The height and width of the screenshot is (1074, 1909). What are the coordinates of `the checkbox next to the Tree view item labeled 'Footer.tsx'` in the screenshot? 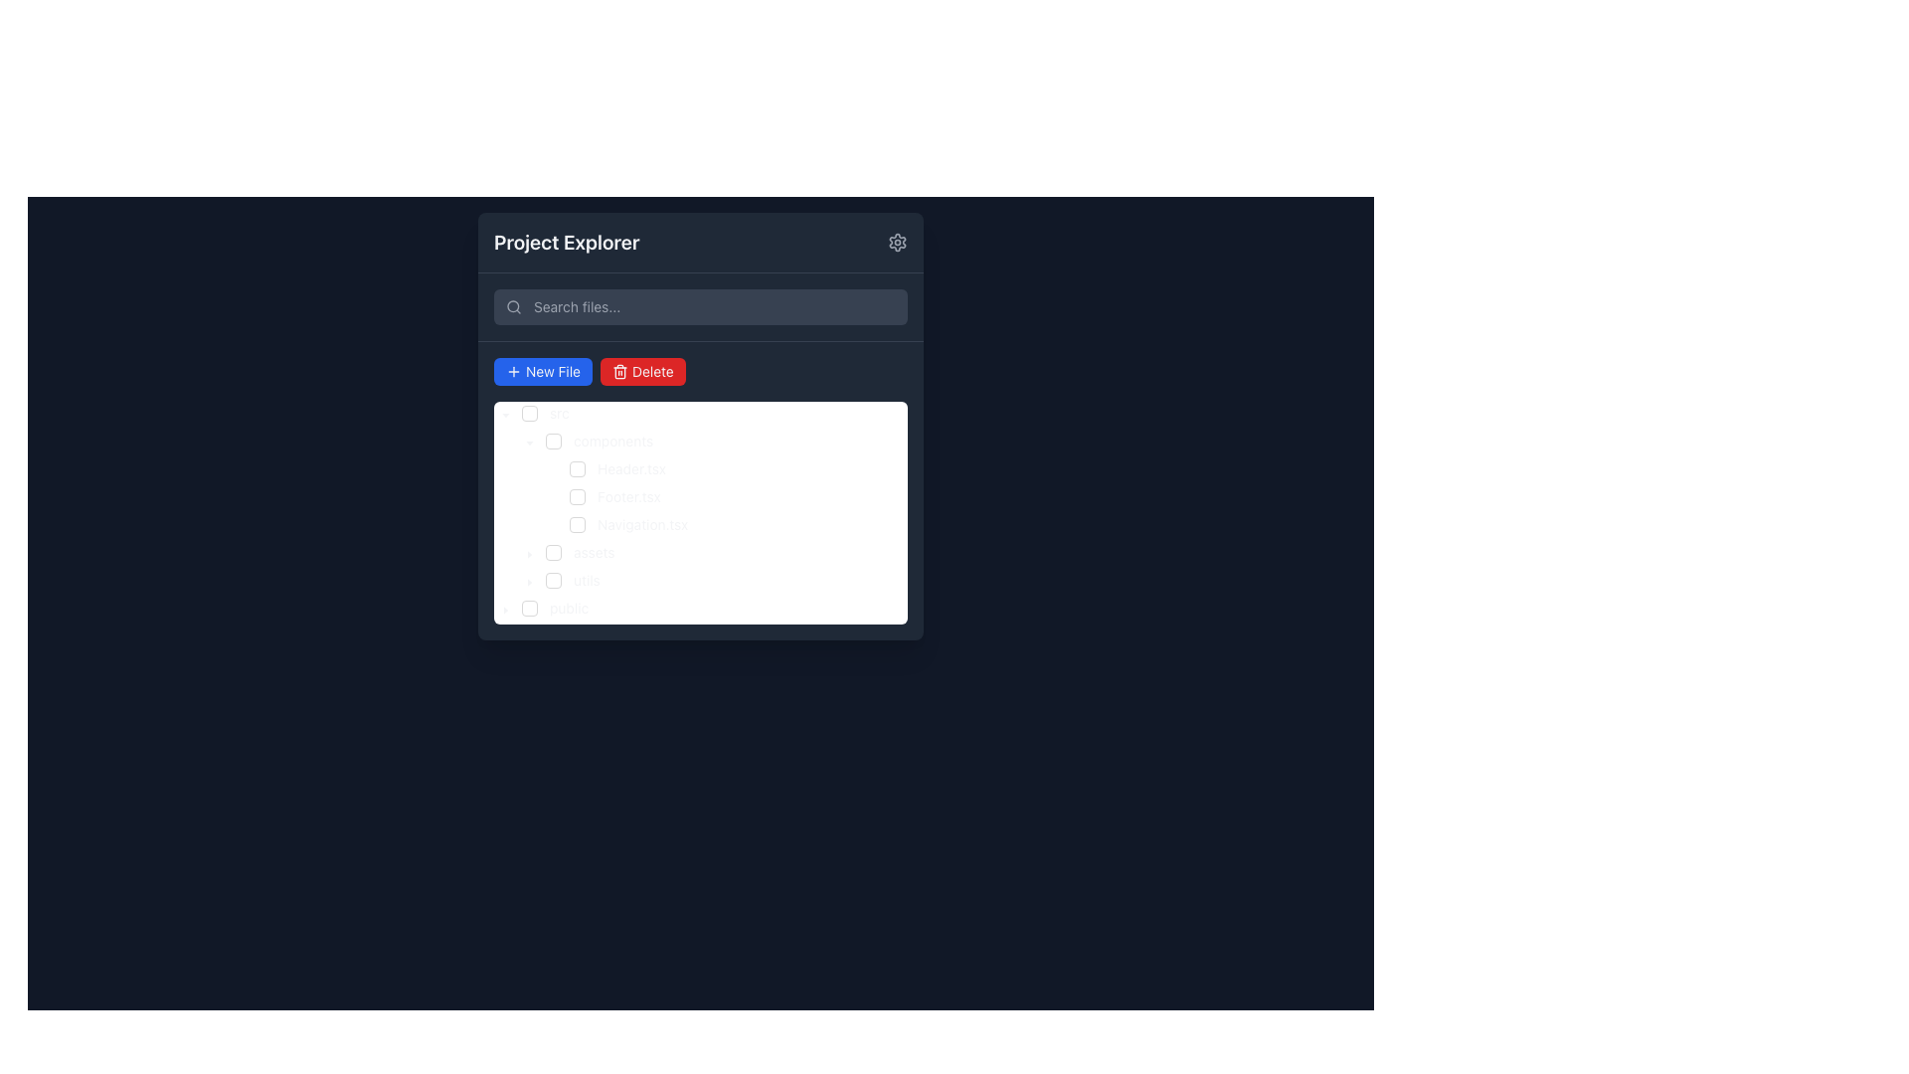 It's located at (580, 496).